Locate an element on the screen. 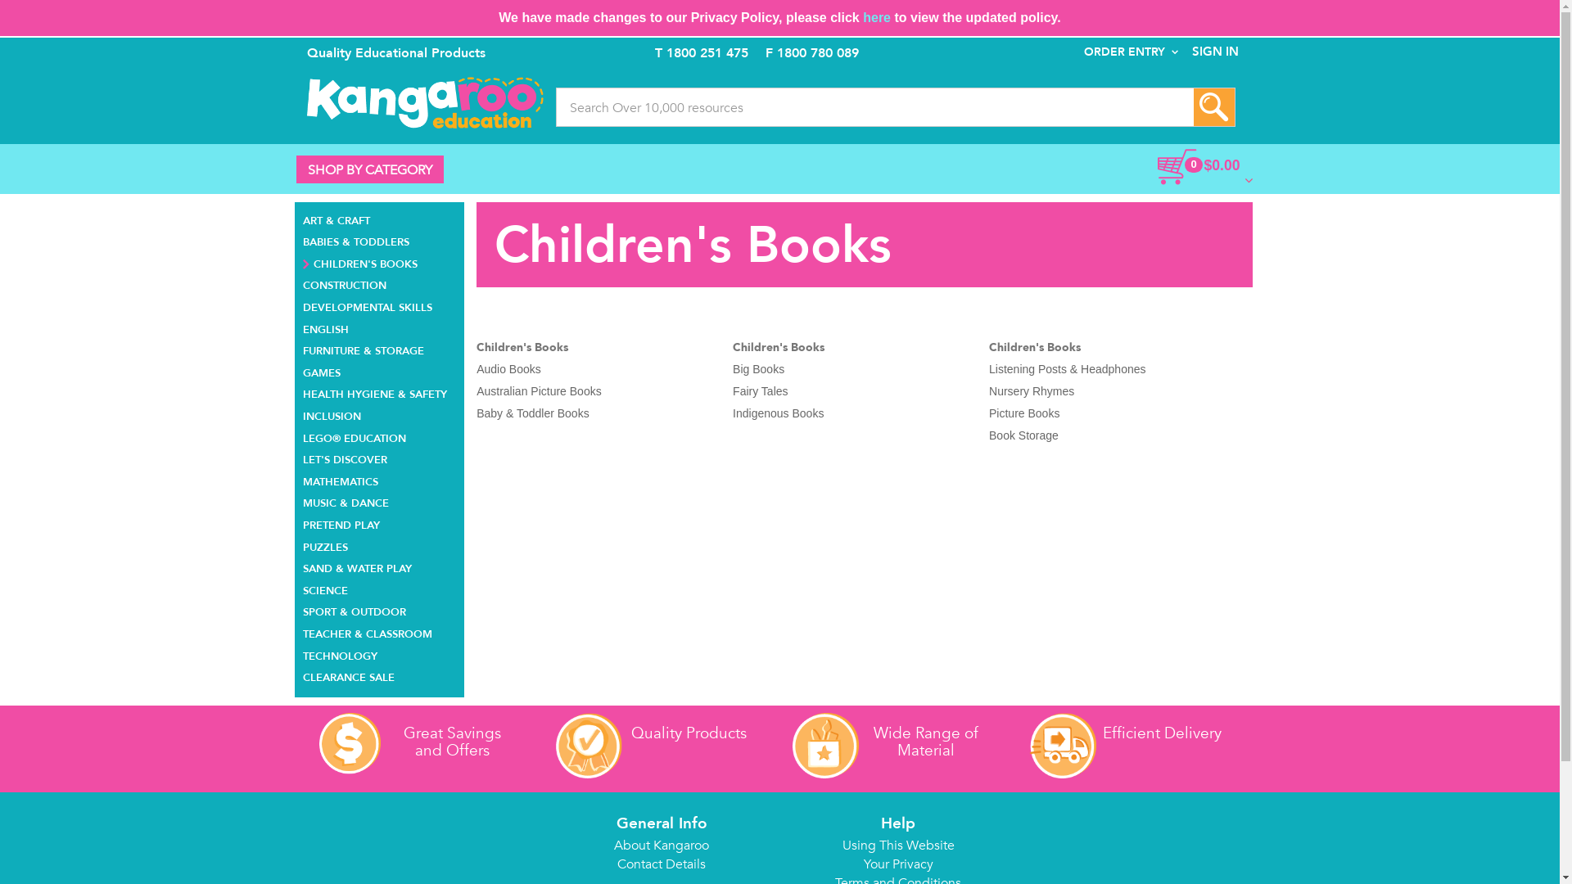 The image size is (1572, 884). 'Book Storage' is located at coordinates (1023, 435).